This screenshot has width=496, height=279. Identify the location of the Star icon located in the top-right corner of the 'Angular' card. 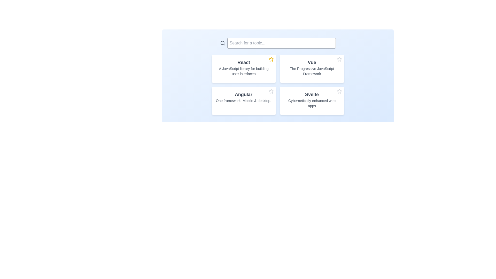
(271, 91).